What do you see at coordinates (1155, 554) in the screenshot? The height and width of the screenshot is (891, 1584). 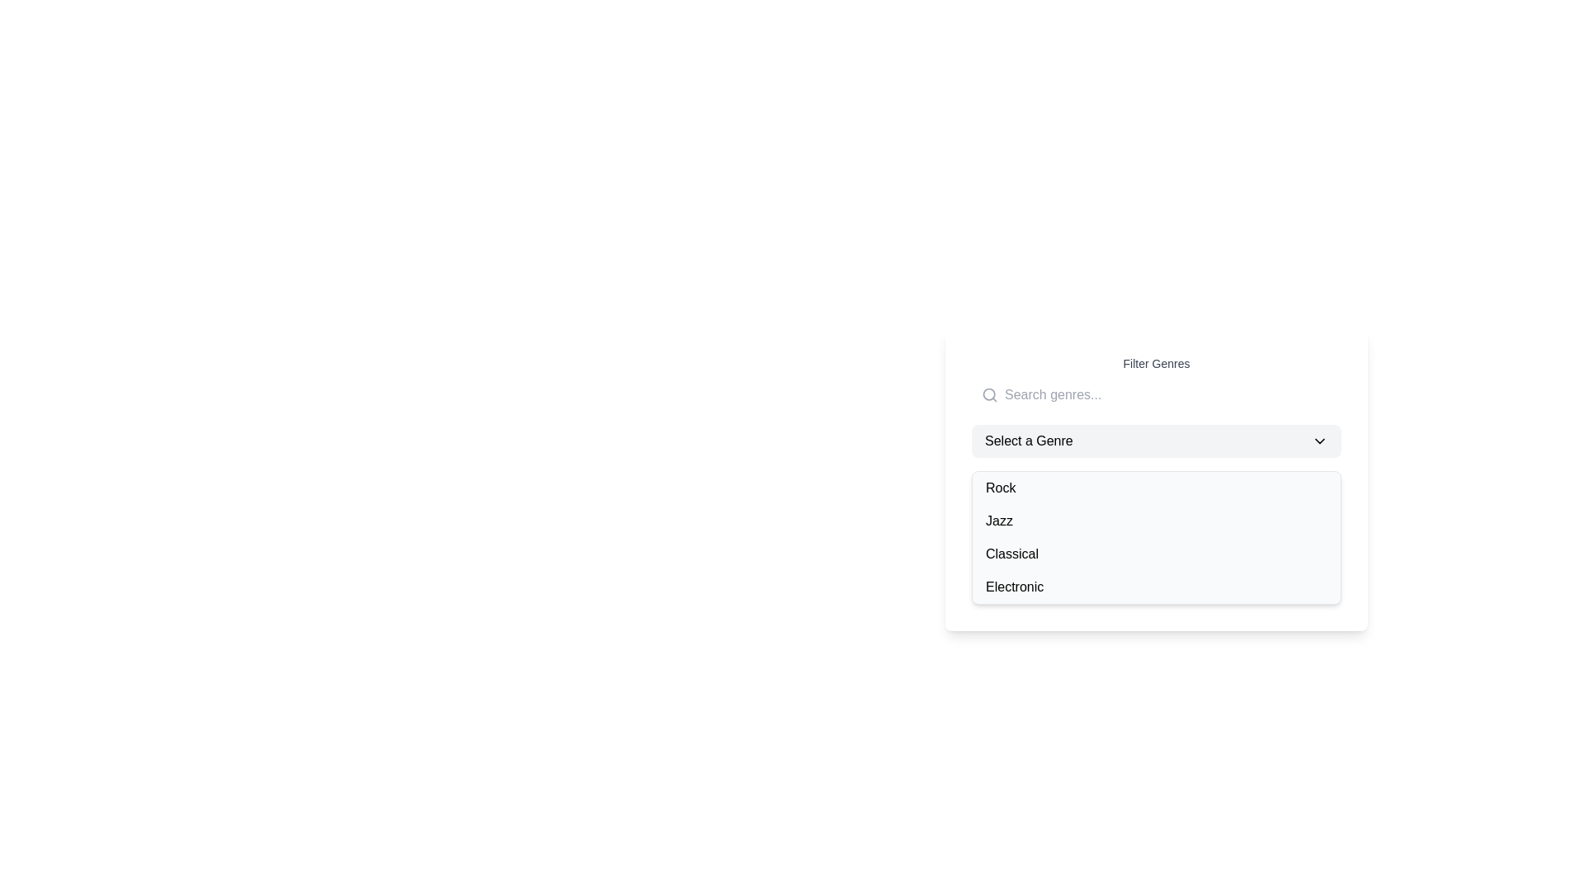 I see `the list item labeled 'Classical' in the dropdown menu` at bounding box center [1155, 554].